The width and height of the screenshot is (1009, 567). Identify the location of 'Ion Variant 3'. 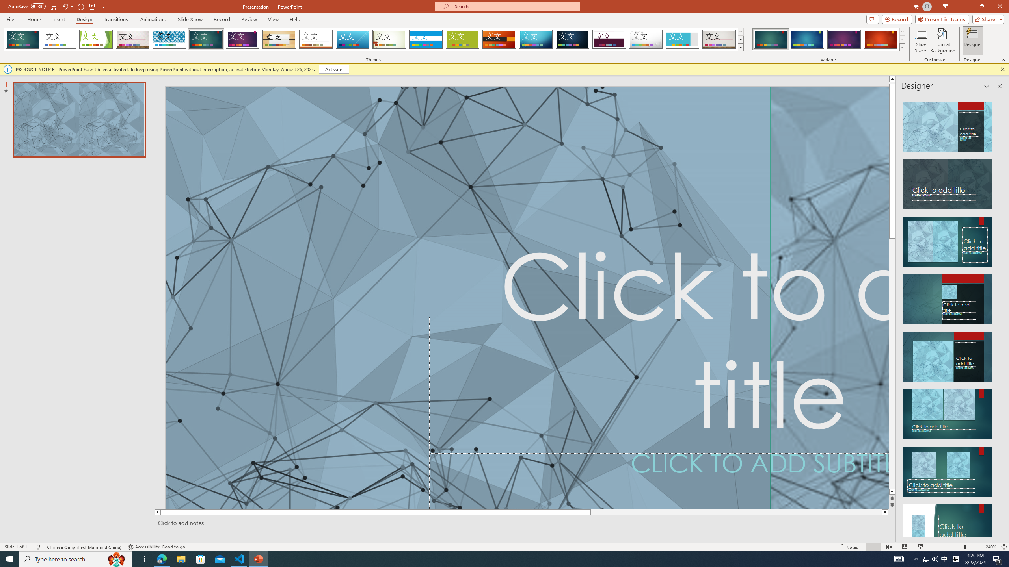
(843, 39).